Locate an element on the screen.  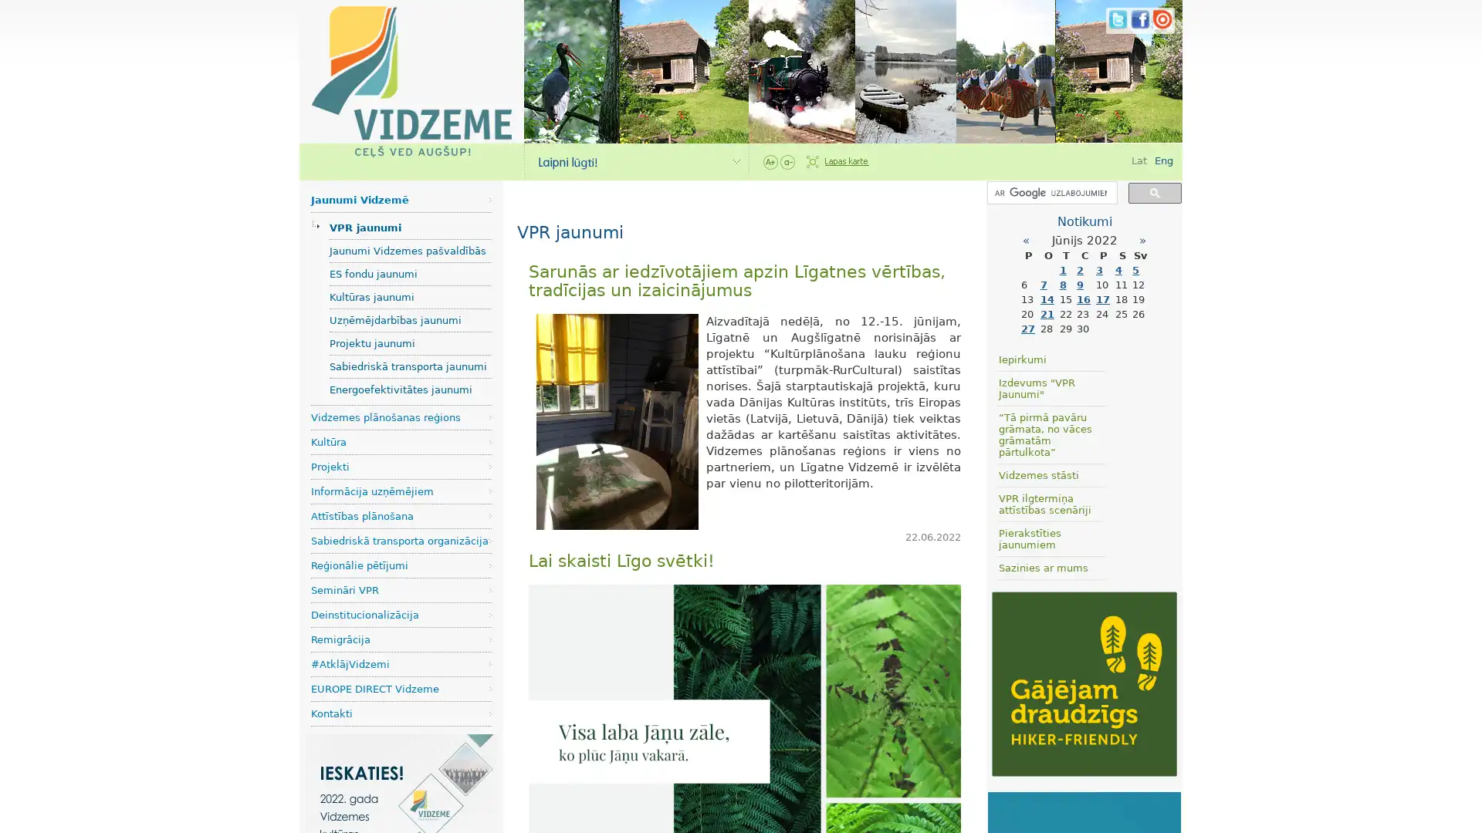
meklet is located at coordinates (1155, 191).